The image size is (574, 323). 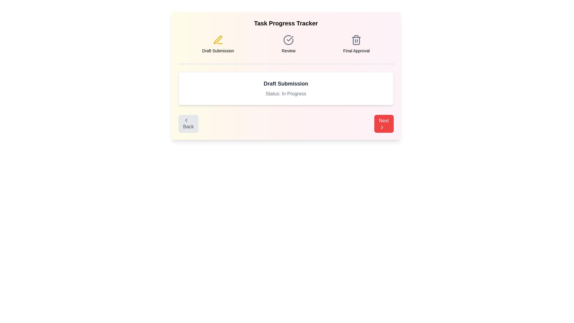 What do you see at coordinates (218, 40) in the screenshot?
I see `the task icon for Draft Submission to reveal additional information` at bounding box center [218, 40].